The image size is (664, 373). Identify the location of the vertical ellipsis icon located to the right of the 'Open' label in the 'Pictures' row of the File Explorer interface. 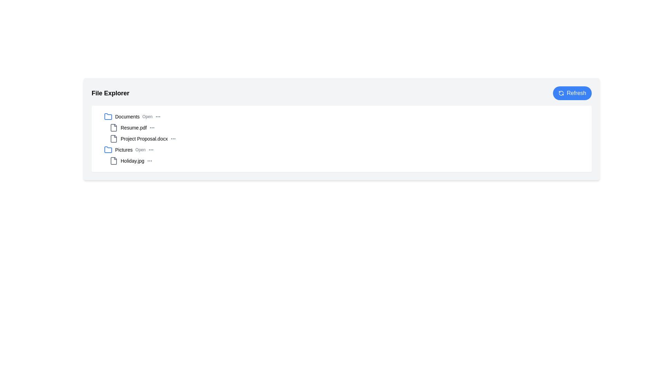
(150, 150).